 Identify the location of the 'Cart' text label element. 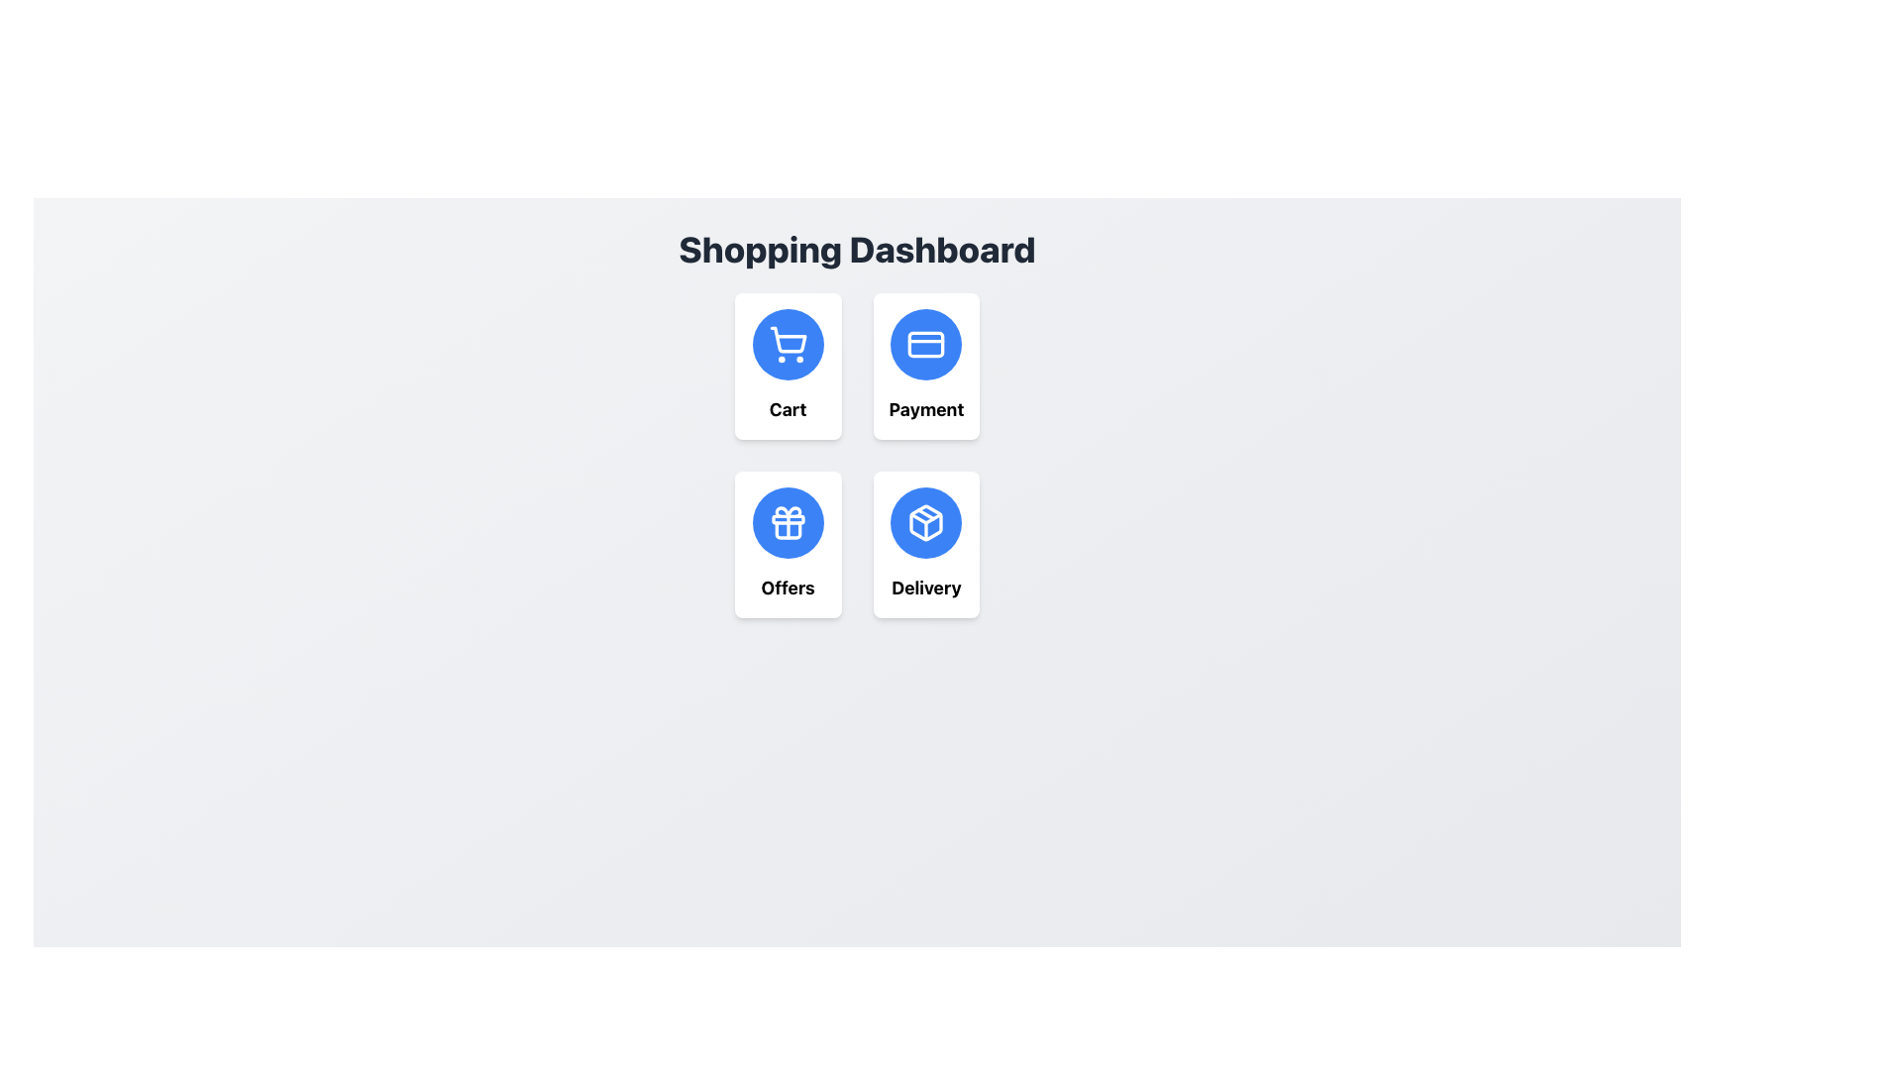
(787, 408).